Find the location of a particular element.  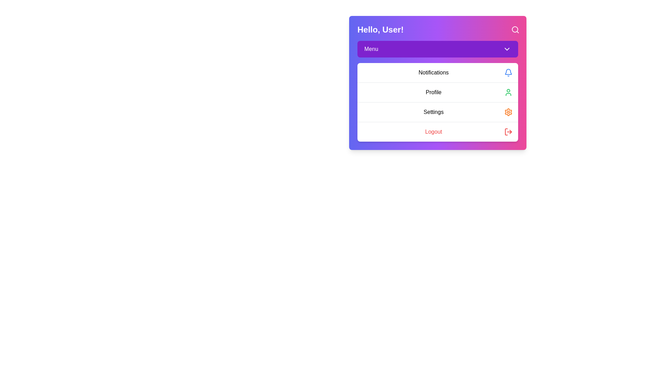

the 'Settings' option in the menu is located at coordinates (437, 112).